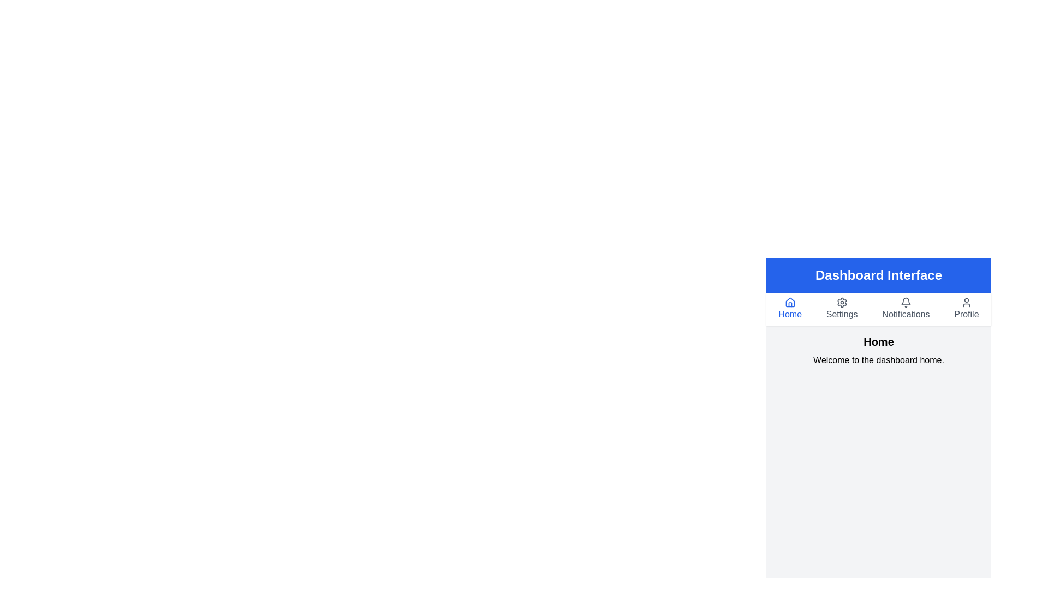 The height and width of the screenshot is (589, 1048). What do you see at coordinates (841, 303) in the screenshot?
I see `the cogwheel icon located in the navigation bar beneath the 'Dashboard Interface'` at bounding box center [841, 303].